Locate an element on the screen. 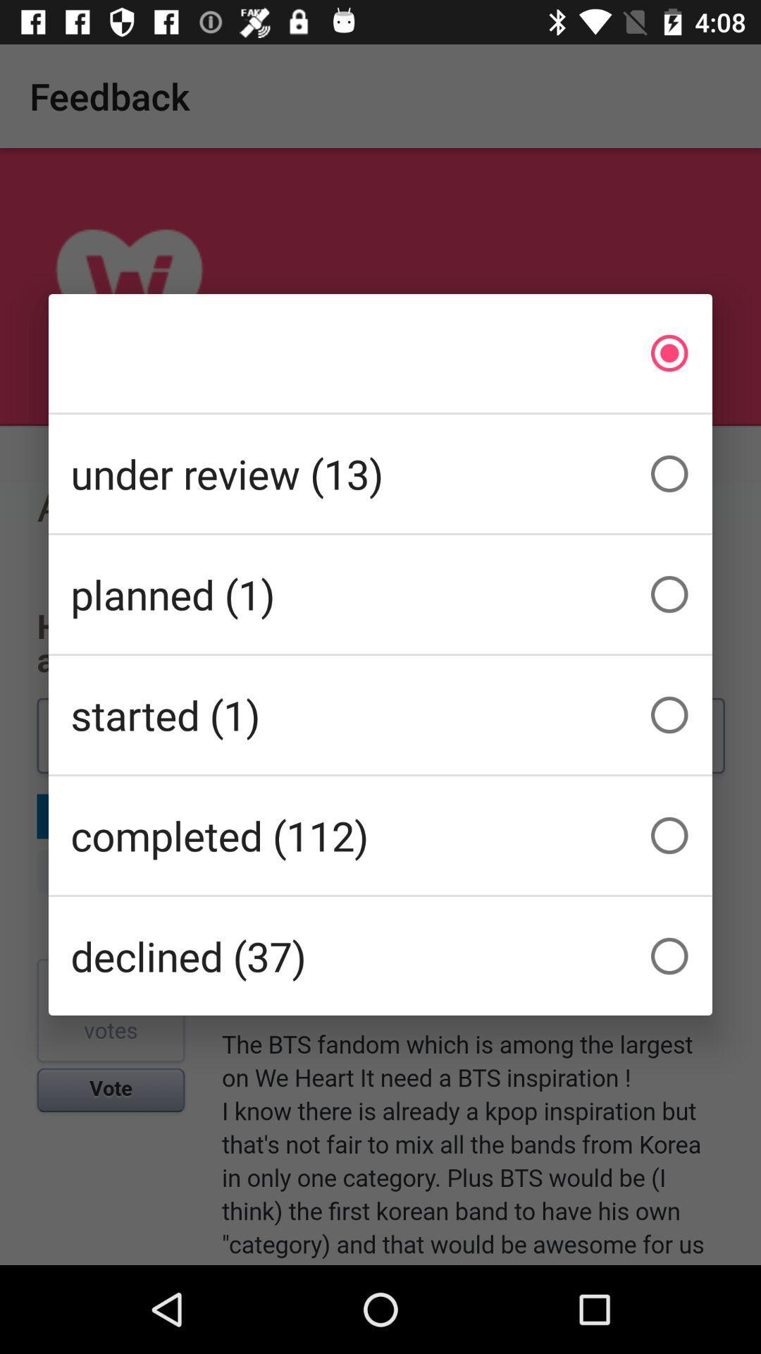 Image resolution: width=761 pixels, height=1354 pixels. the icon above declined (37) is located at coordinates (380, 836).